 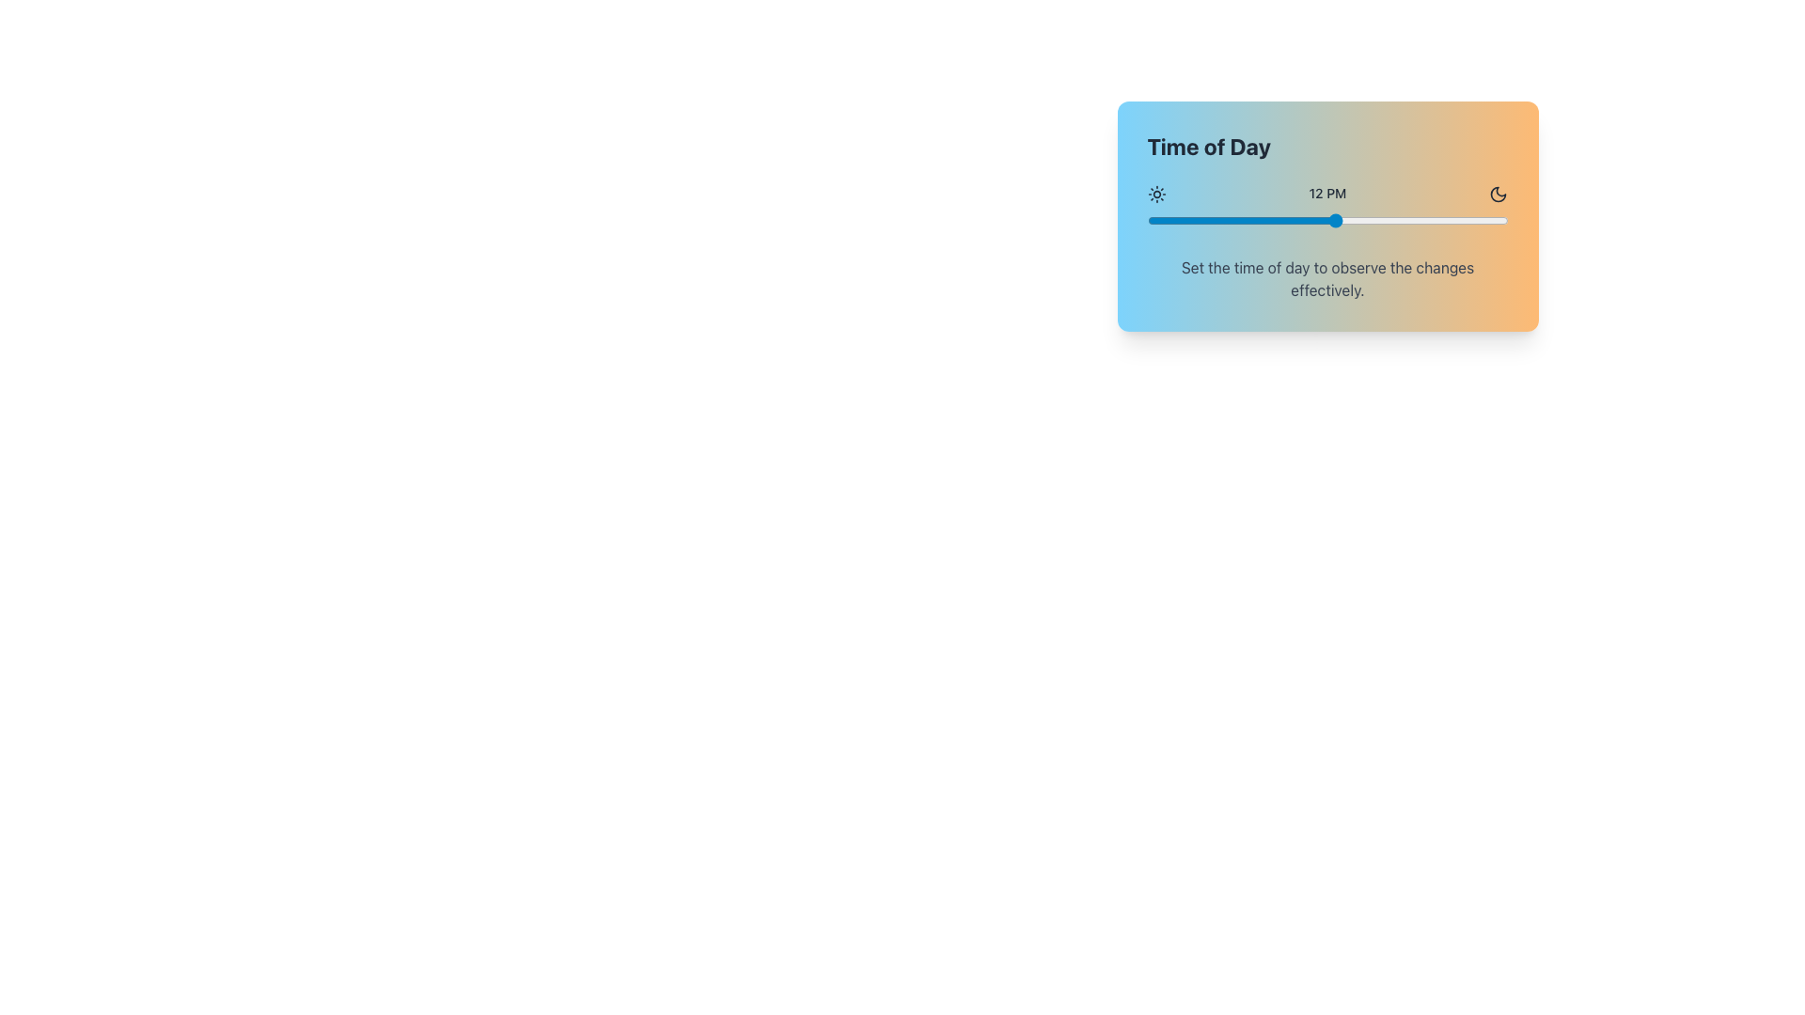 What do you see at coordinates (1429, 220) in the screenshot?
I see `the slider value` at bounding box center [1429, 220].